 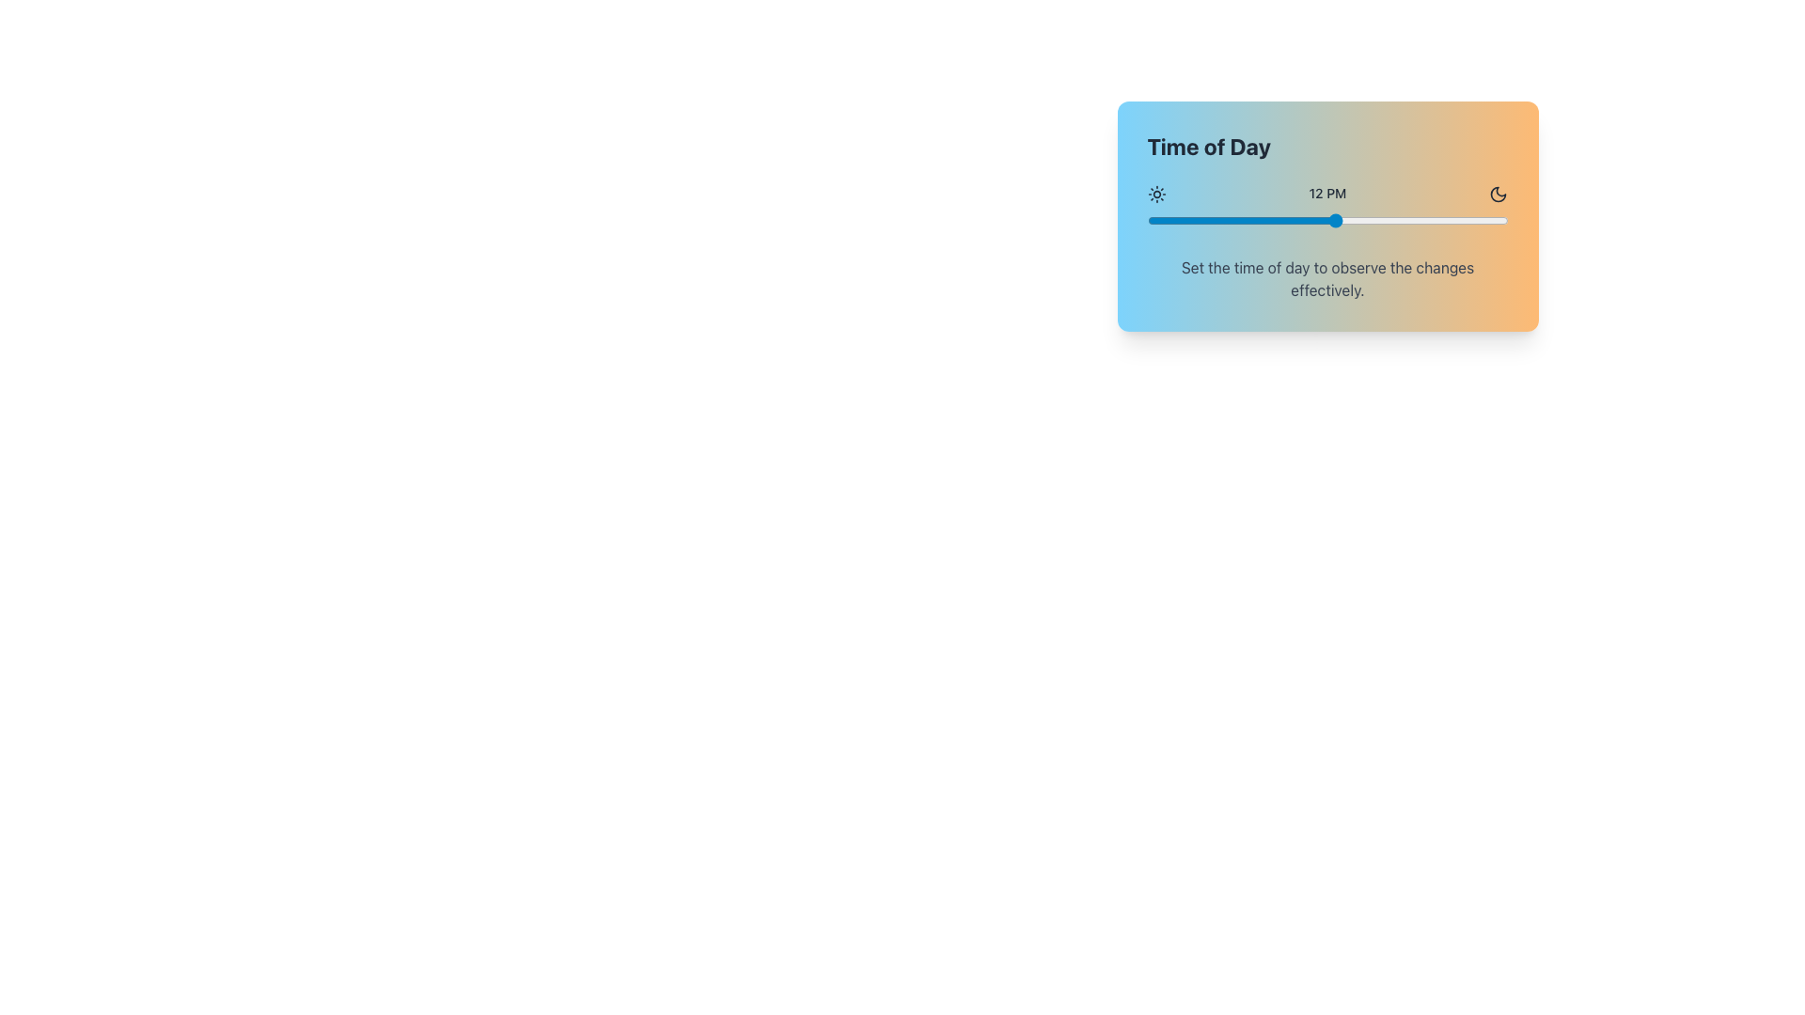 What do you see at coordinates (1429, 220) in the screenshot?
I see `the slider value` at bounding box center [1429, 220].